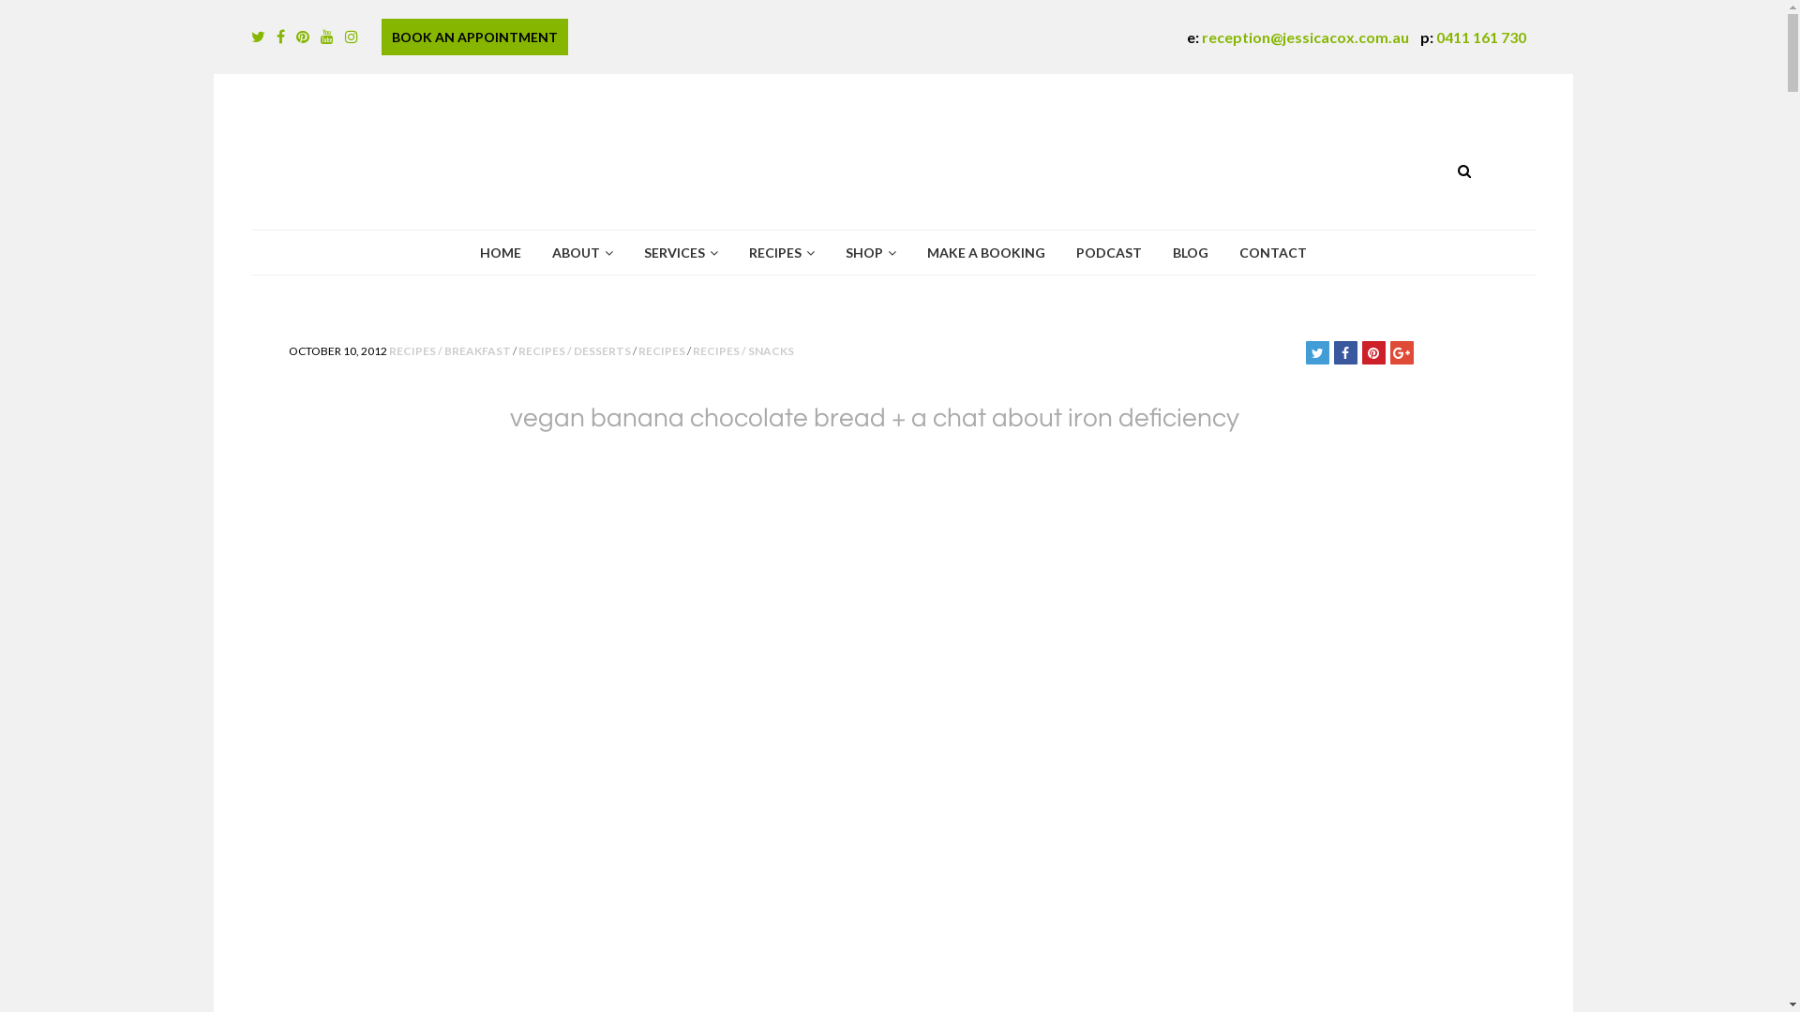  What do you see at coordinates (1201, 37) in the screenshot?
I see `'reception@jessicacox.com.au'` at bounding box center [1201, 37].